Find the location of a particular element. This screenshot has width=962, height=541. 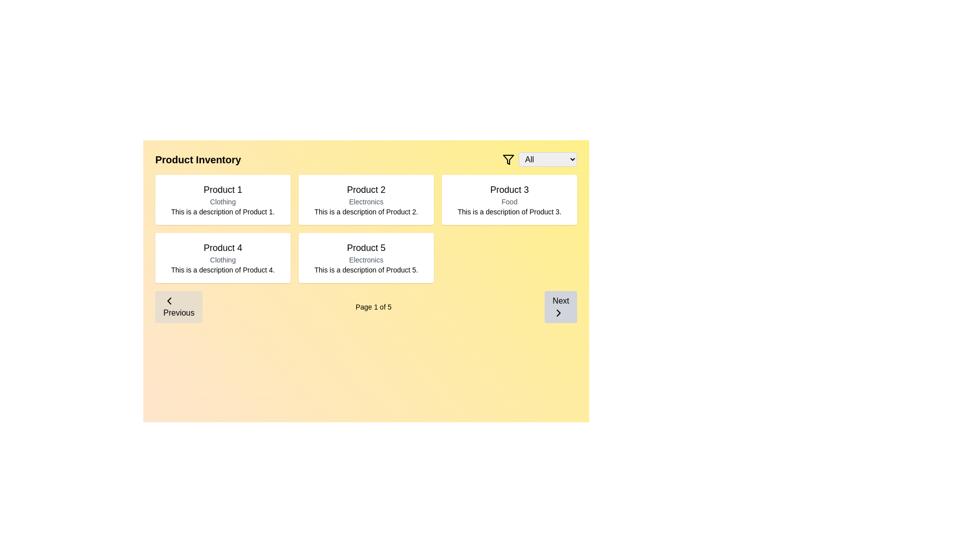

the chevron icon within the 'Next' button located at the bottom-right corner of the interface is located at coordinates (558, 312).